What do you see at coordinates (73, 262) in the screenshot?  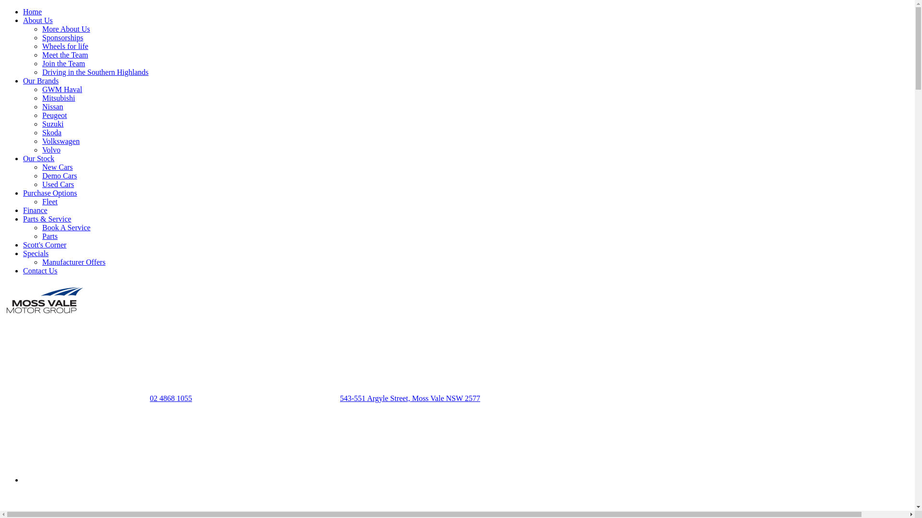 I see `'Manufacturer Offers'` at bounding box center [73, 262].